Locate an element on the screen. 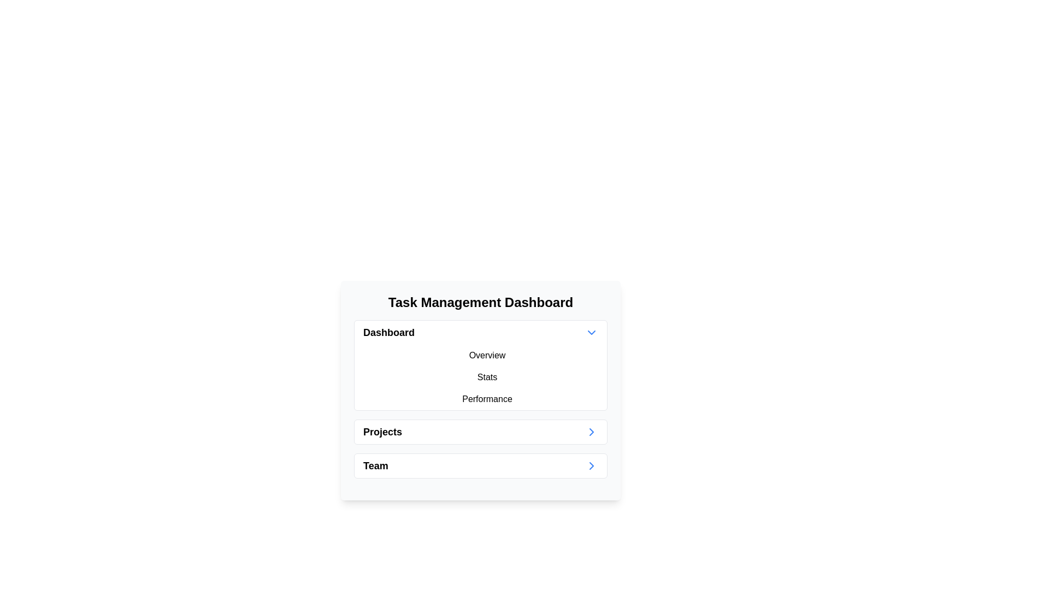 This screenshot has width=1049, height=590. the 'Projects' text label, which is a bold black font in the second list item under 'Task Management Dashboard' is located at coordinates (382, 431).